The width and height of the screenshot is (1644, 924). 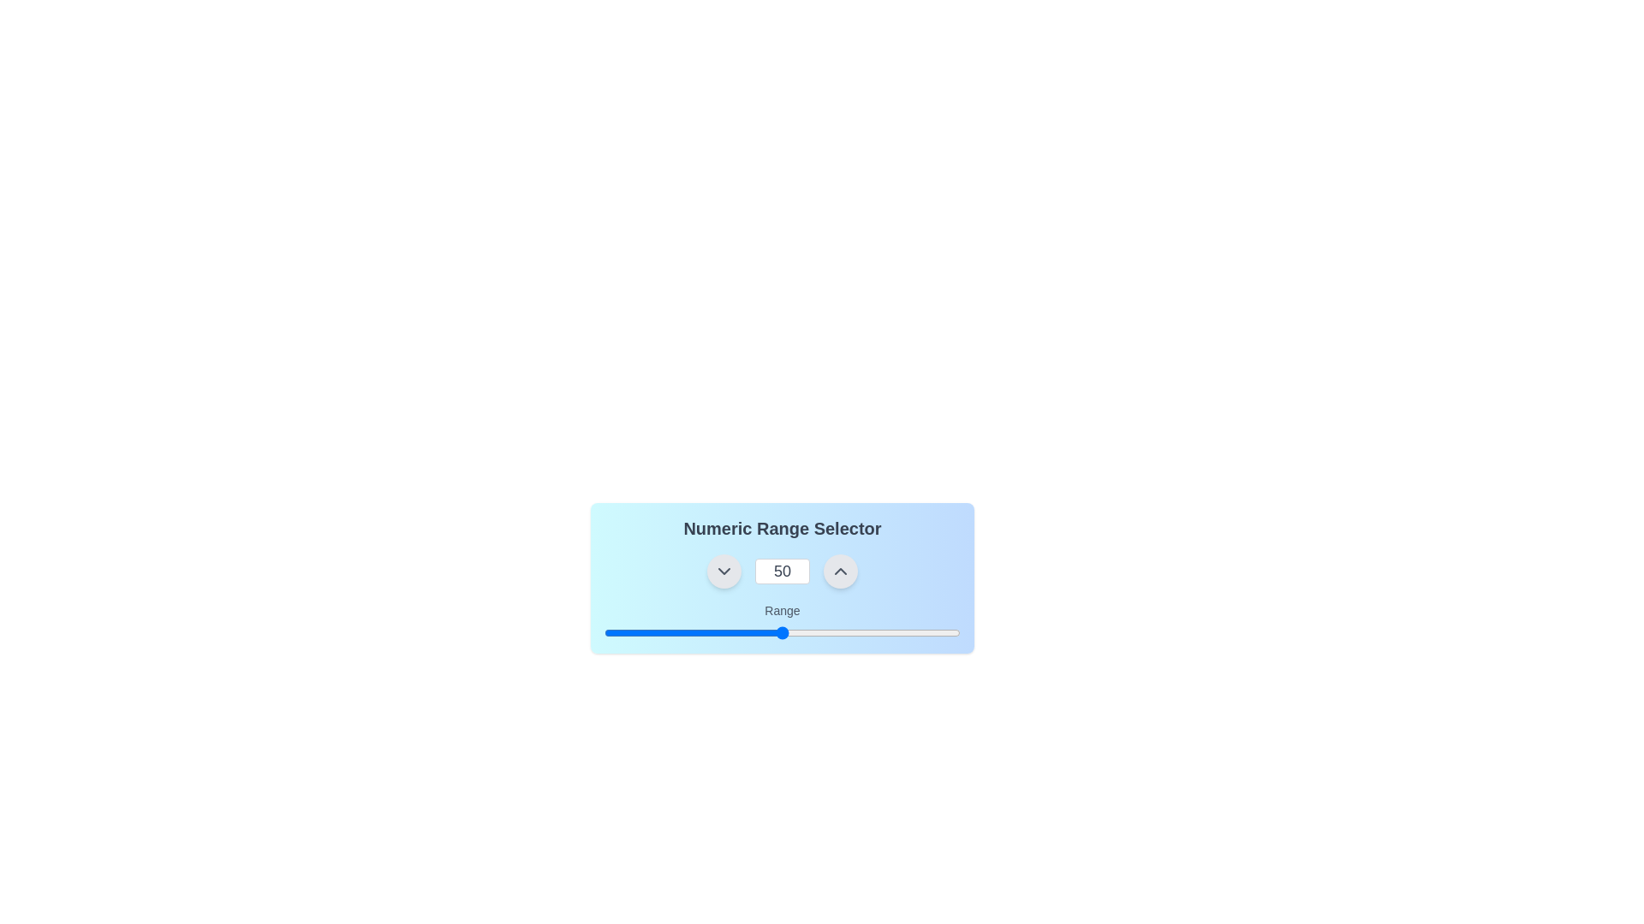 What do you see at coordinates (657, 633) in the screenshot?
I see `range` at bounding box center [657, 633].